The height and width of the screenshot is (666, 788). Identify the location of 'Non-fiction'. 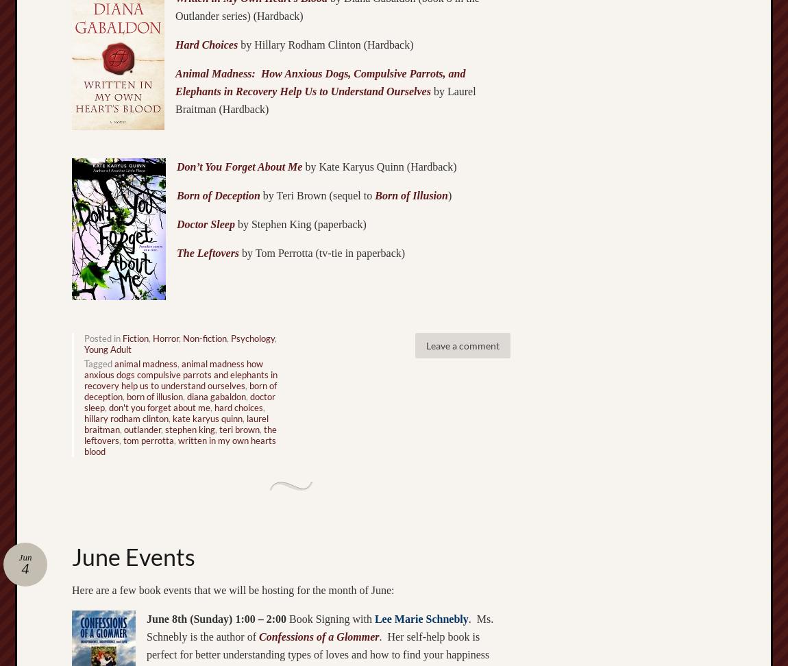
(205, 337).